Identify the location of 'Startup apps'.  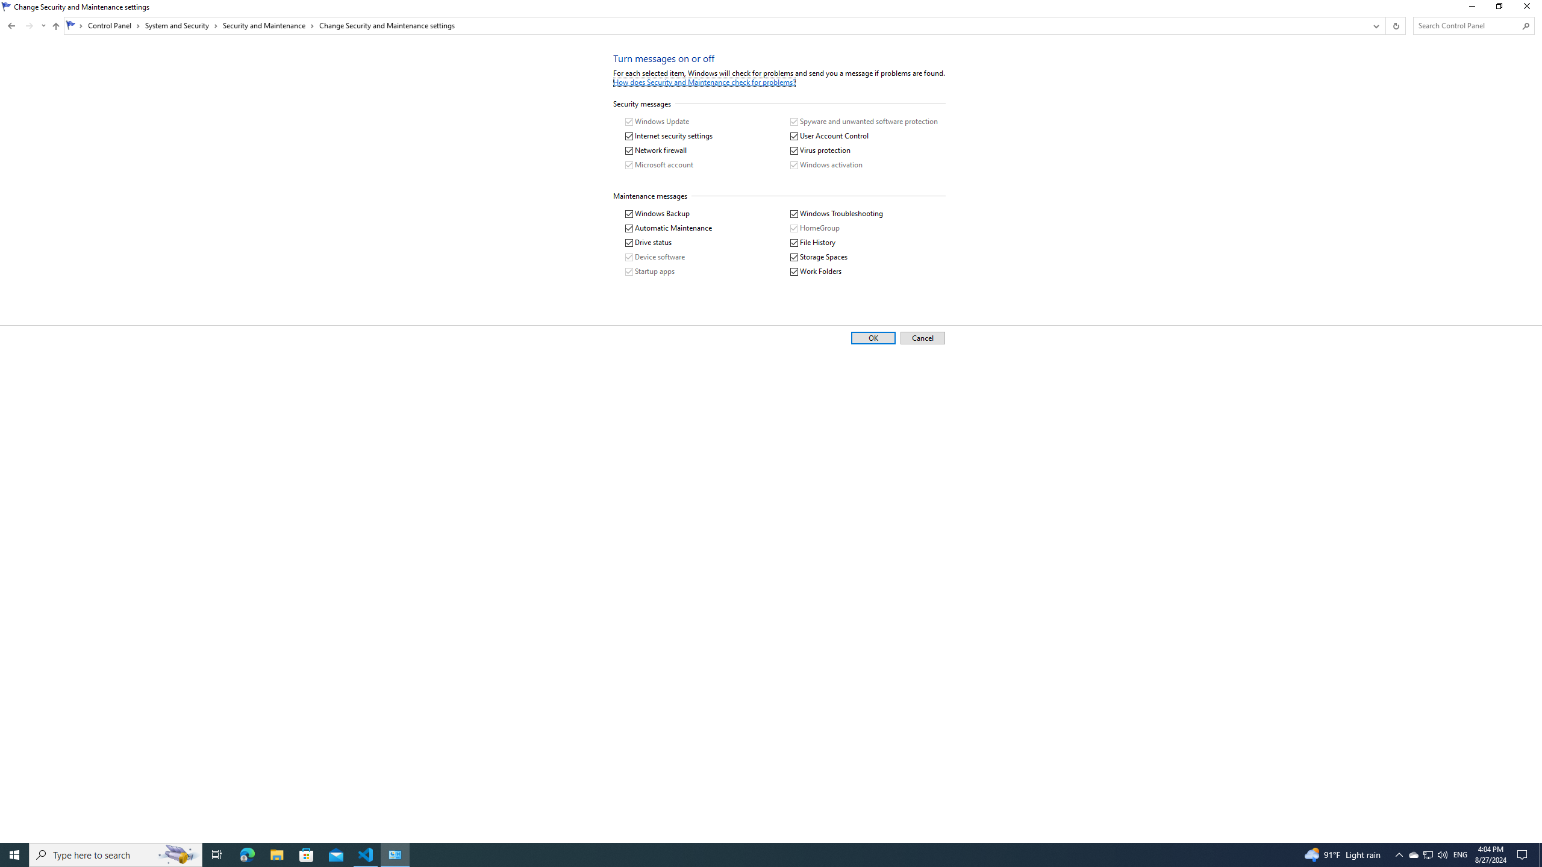
(650, 272).